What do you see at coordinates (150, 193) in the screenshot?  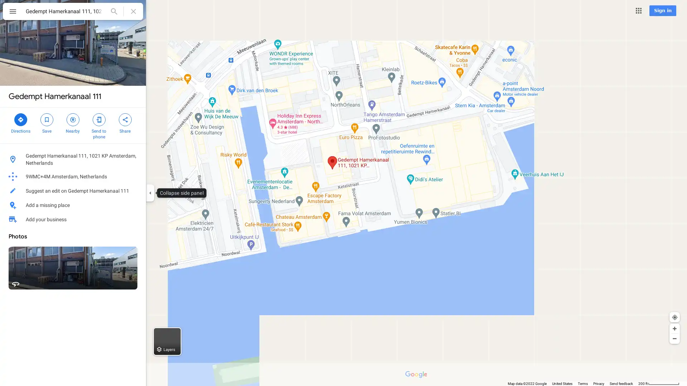 I see `Collapse side panel` at bounding box center [150, 193].